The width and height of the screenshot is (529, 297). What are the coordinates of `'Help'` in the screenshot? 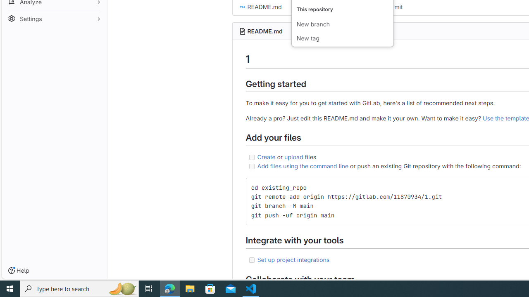 It's located at (19, 270).